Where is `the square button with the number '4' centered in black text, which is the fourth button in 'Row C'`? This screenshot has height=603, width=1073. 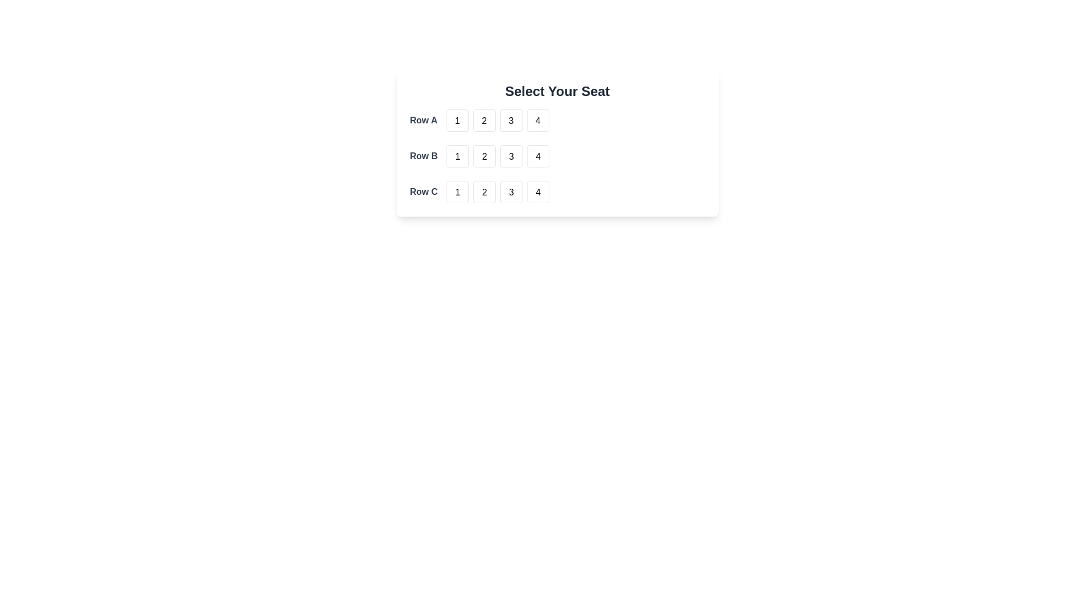 the square button with the number '4' centered in black text, which is the fourth button in 'Row C' is located at coordinates (538, 191).